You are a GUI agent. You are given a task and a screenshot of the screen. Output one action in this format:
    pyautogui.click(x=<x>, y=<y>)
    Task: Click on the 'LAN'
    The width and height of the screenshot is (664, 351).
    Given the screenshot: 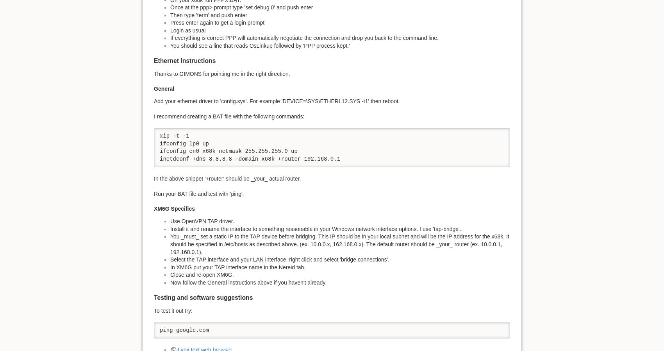 What is the action you would take?
    pyautogui.click(x=258, y=259)
    